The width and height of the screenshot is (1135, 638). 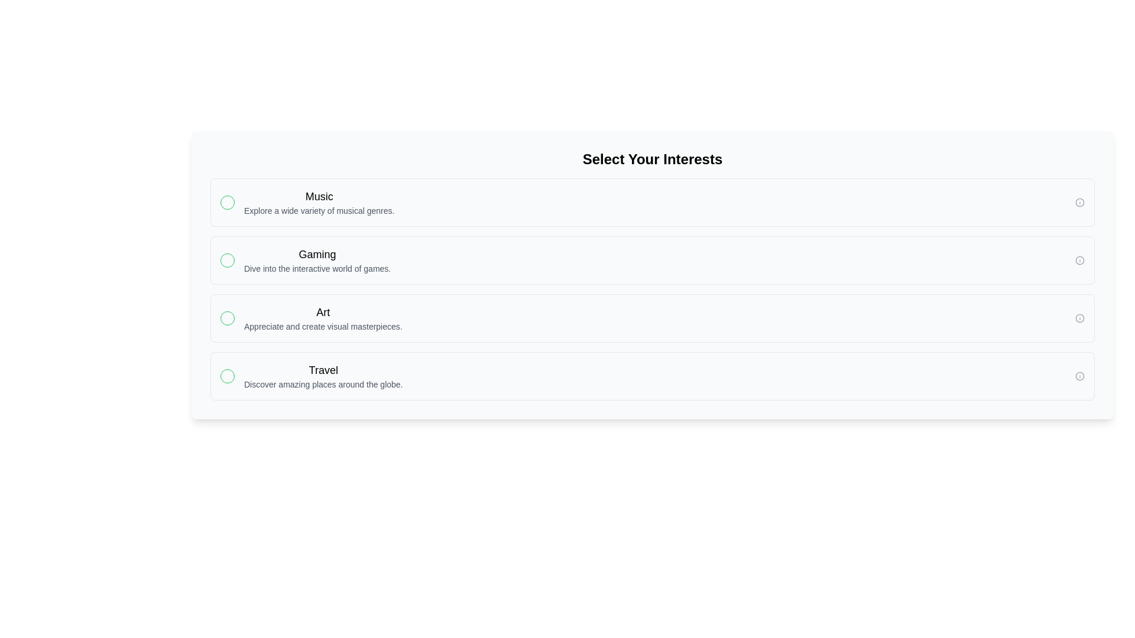 What do you see at coordinates (652, 259) in the screenshot?
I see `the option corresponding to Gaming to select it` at bounding box center [652, 259].